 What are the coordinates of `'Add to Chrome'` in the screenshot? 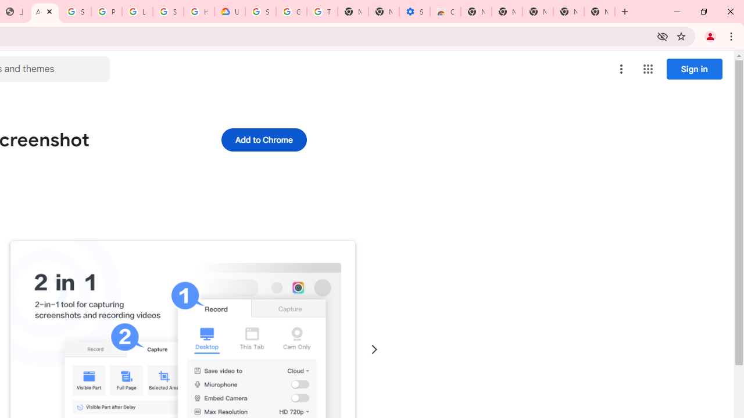 It's located at (263, 139).